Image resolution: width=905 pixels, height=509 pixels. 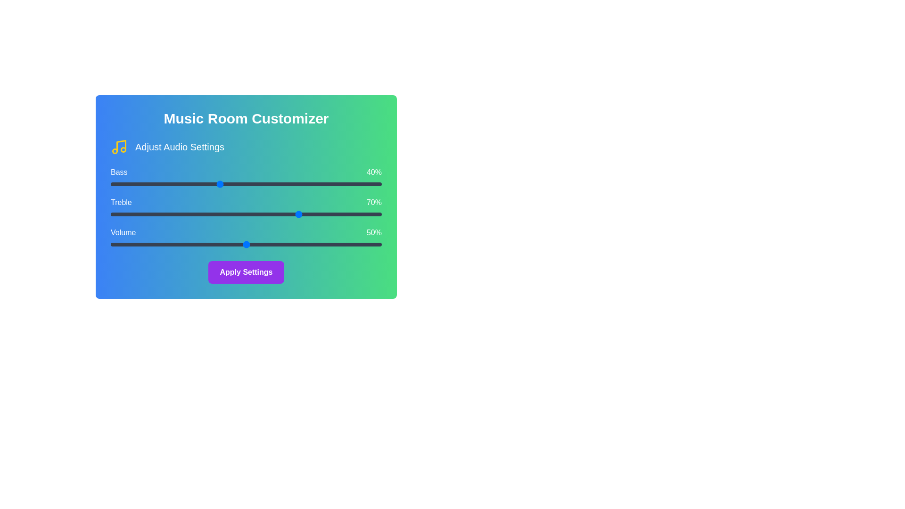 What do you see at coordinates (132, 214) in the screenshot?
I see `the Treble slider to 8%` at bounding box center [132, 214].